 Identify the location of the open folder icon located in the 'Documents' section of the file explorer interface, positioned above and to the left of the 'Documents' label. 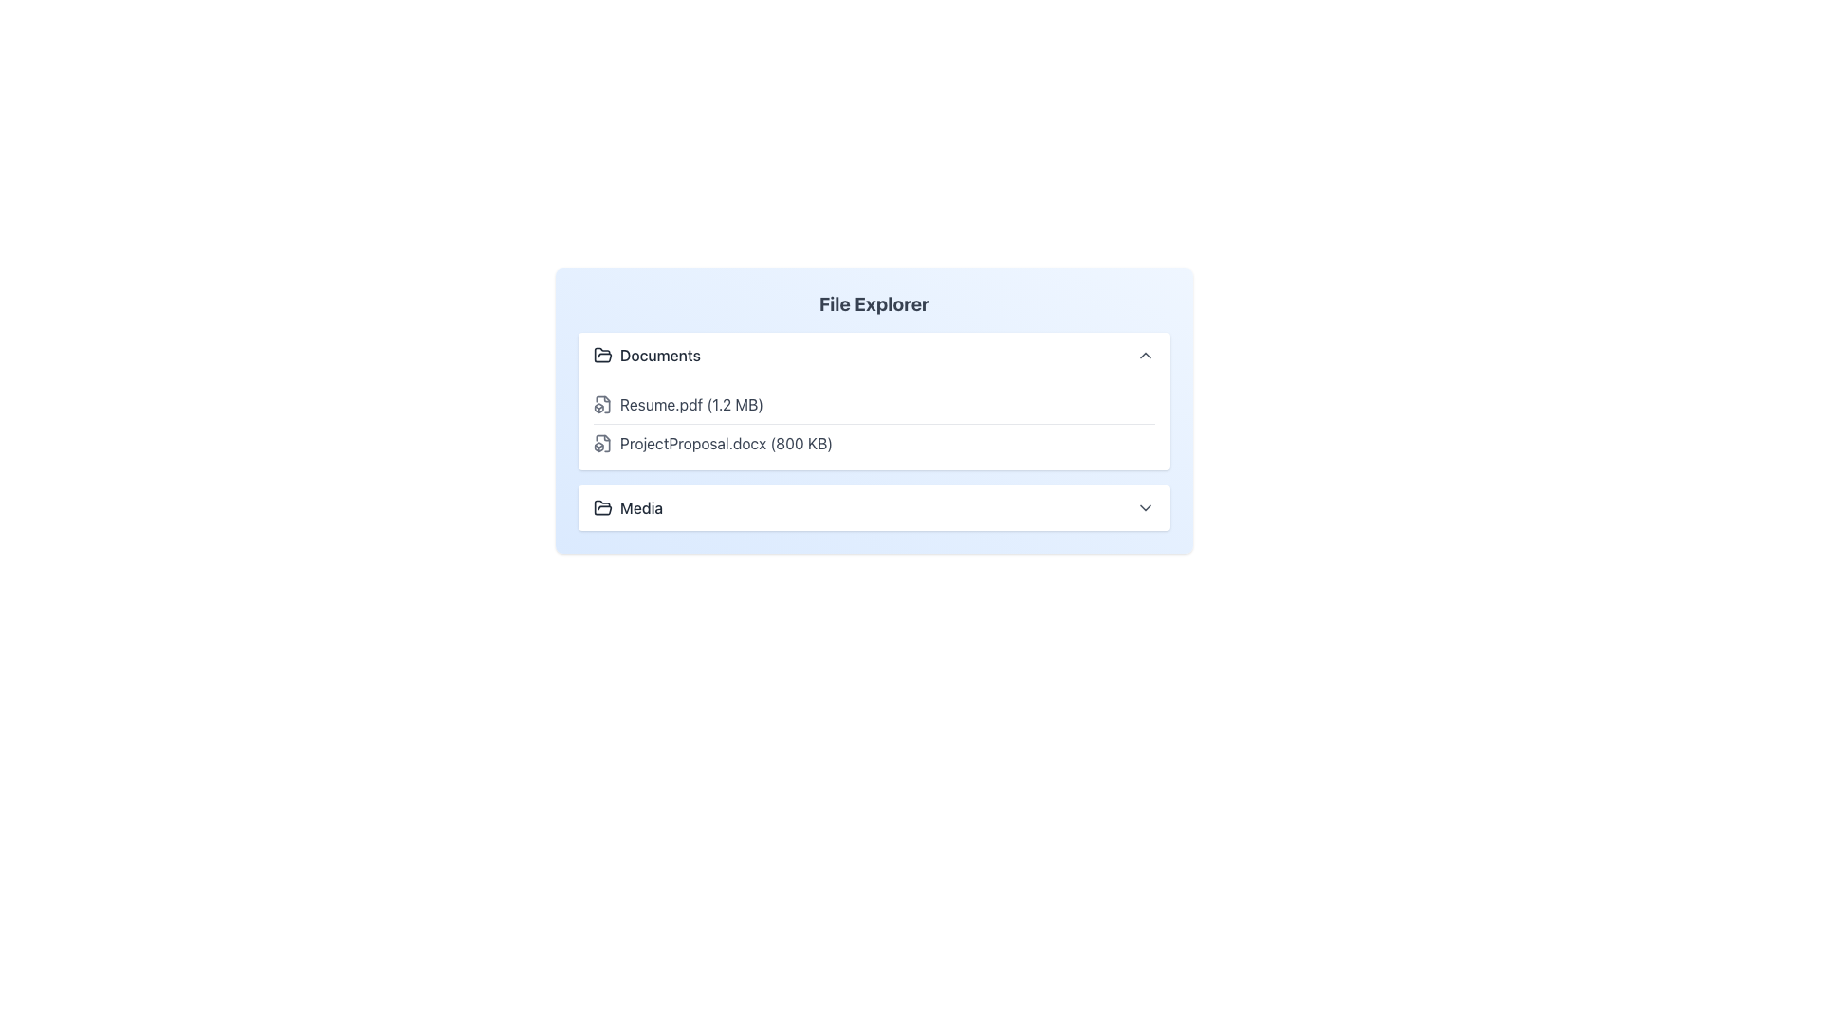
(601, 355).